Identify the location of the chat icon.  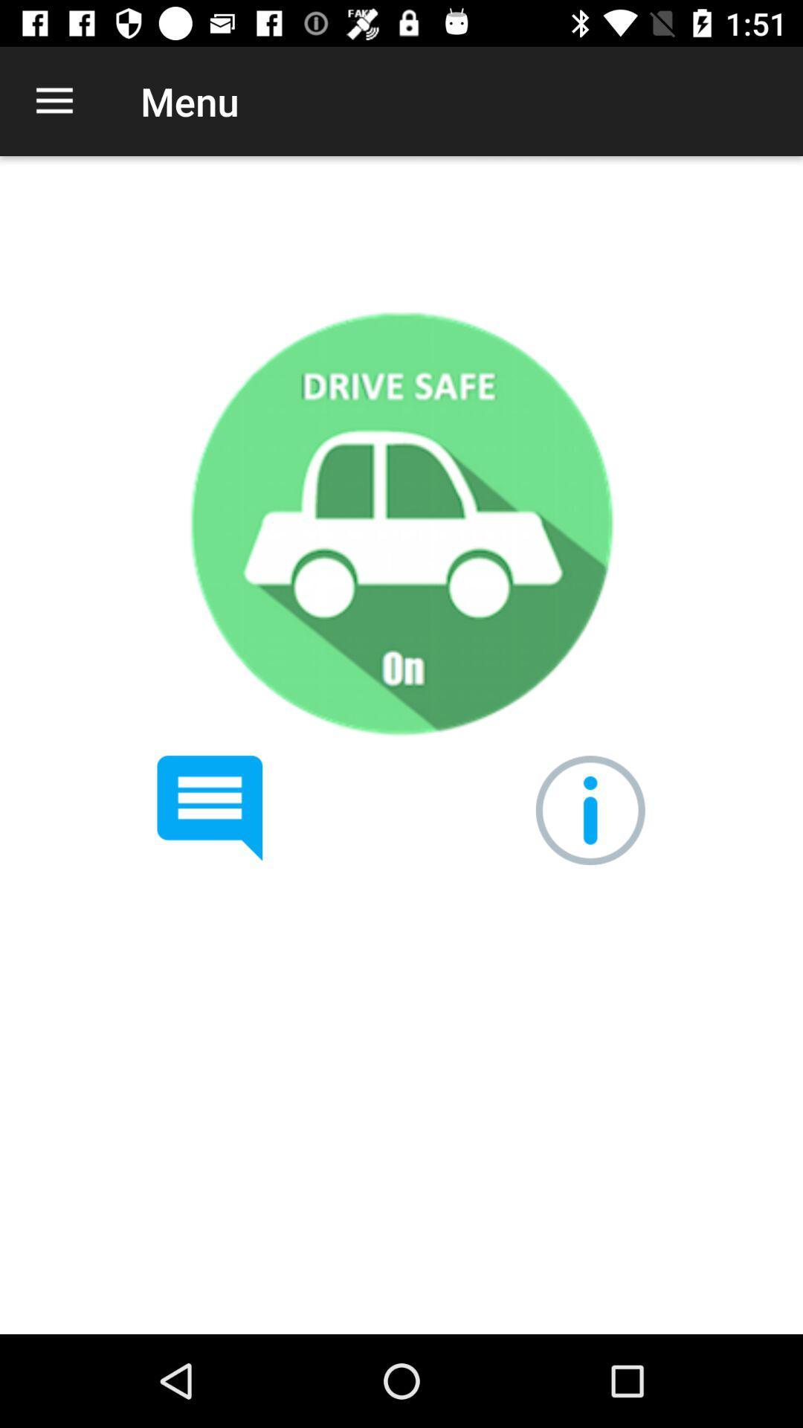
(210, 808).